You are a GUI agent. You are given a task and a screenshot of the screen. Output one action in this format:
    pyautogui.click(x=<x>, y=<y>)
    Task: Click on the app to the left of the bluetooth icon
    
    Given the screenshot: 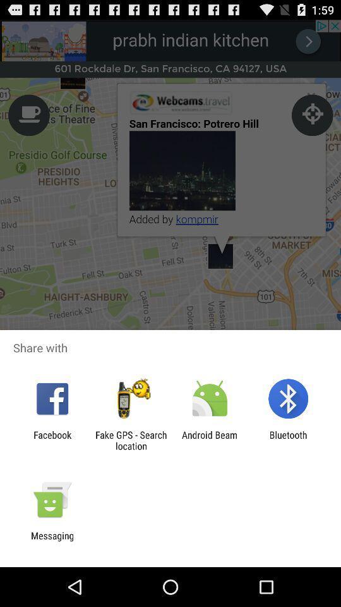 What is the action you would take?
    pyautogui.click(x=210, y=440)
    